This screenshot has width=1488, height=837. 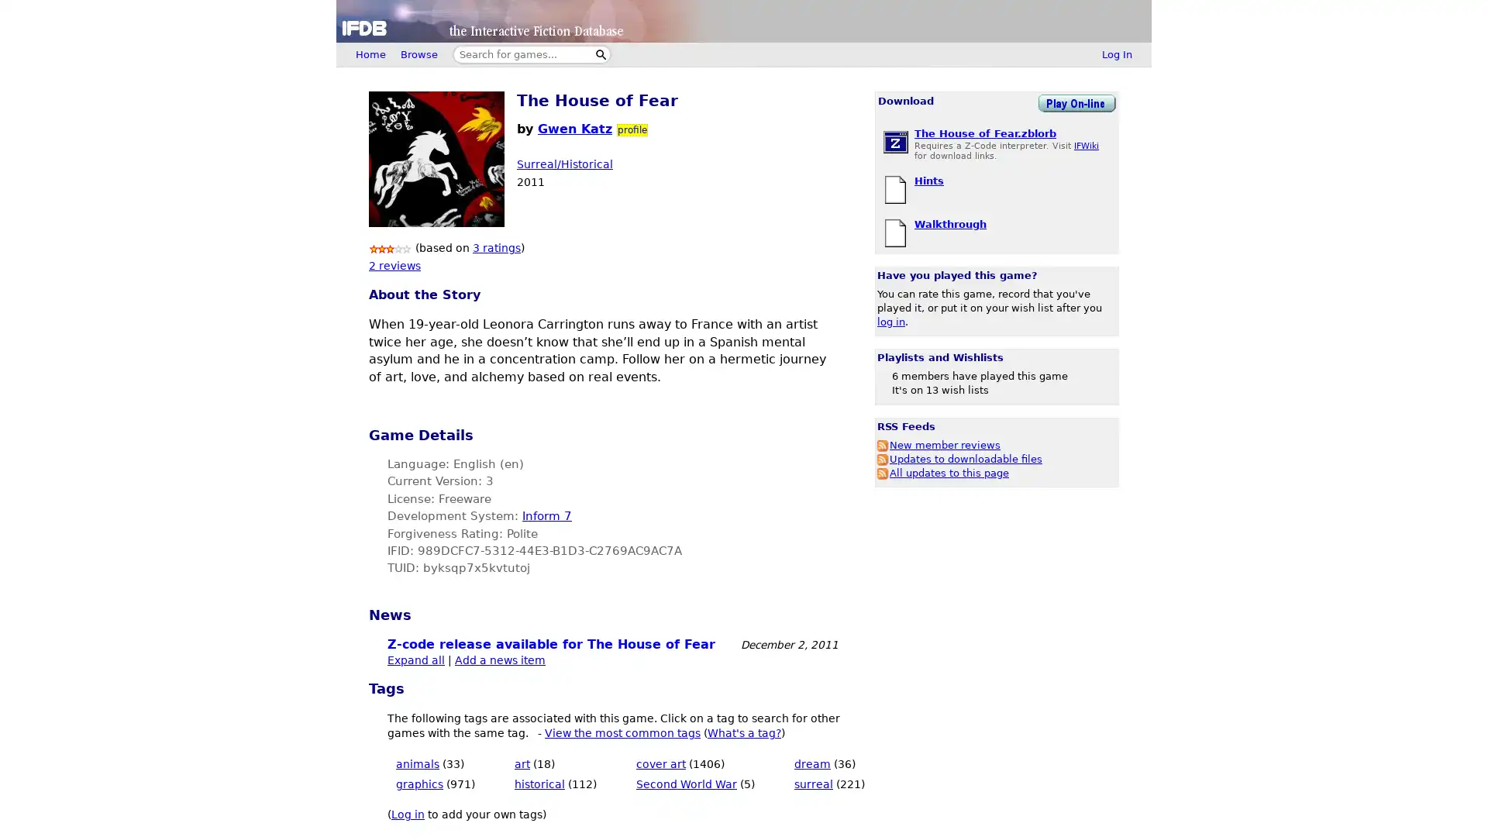 What do you see at coordinates (600, 53) in the screenshot?
I see `Search` at bounding box center [600, 53].